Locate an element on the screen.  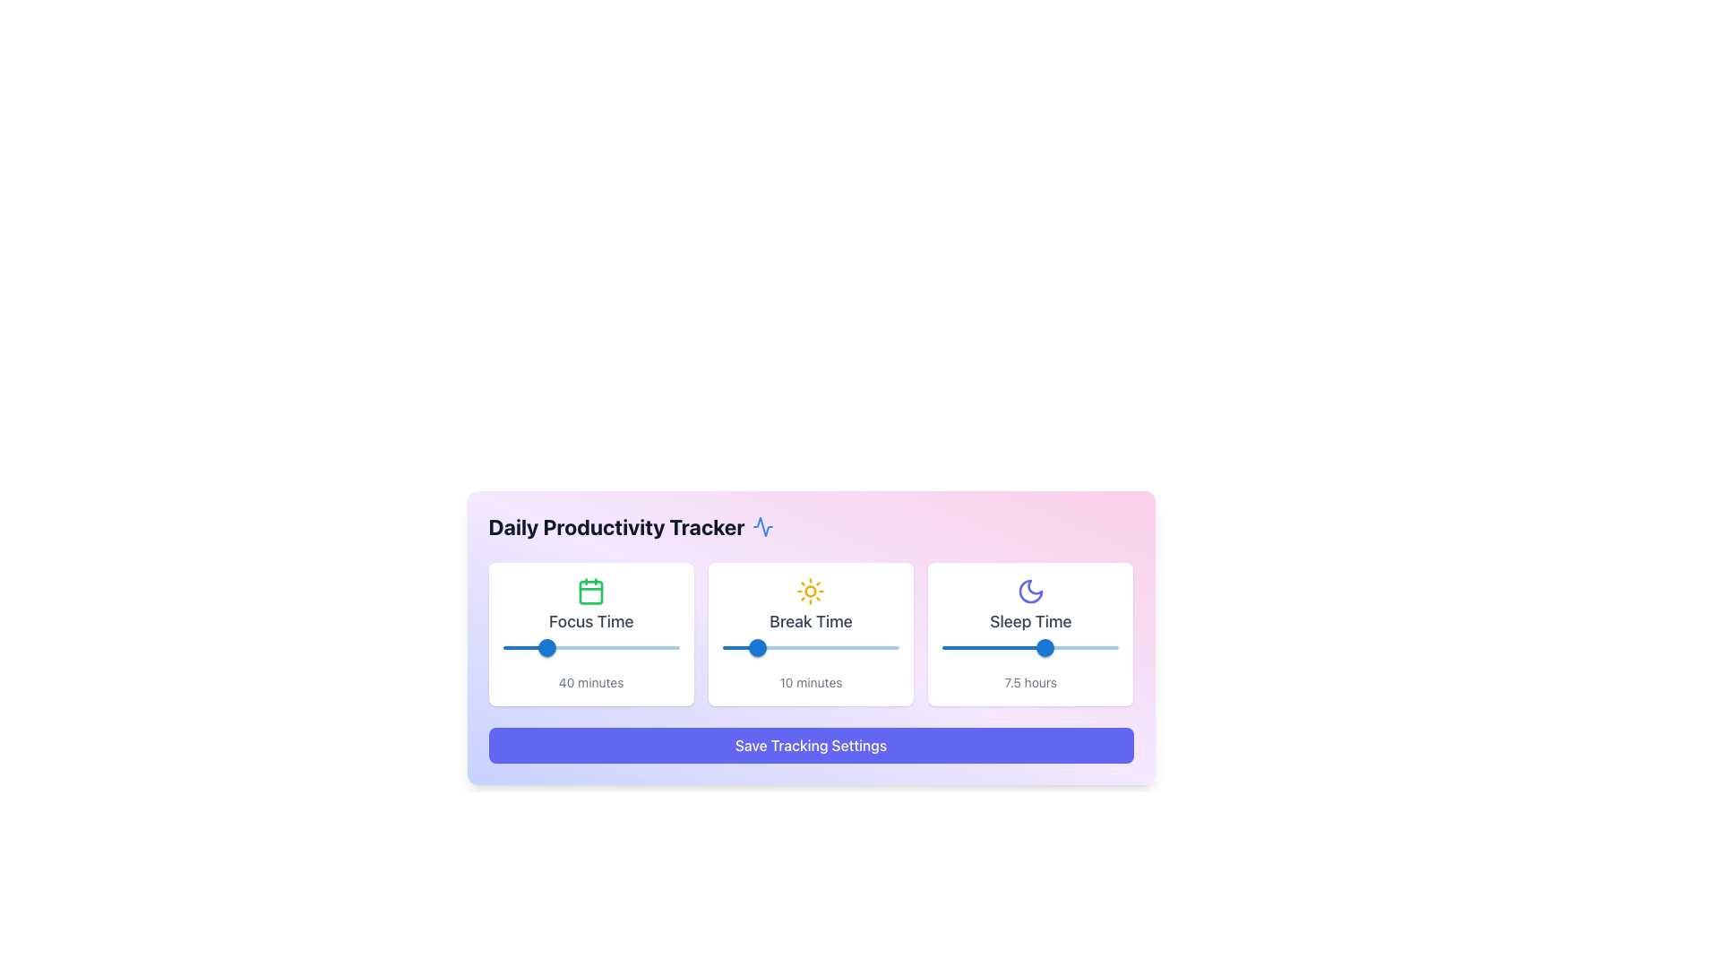
the sleep time slider is located at coordinates (970, 647).